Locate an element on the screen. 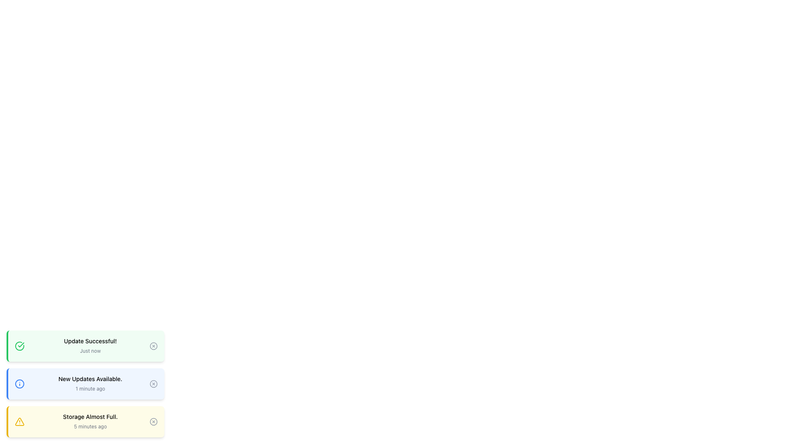 The image size is (789, 444). the notification message text element located in the second notification card, which provides update status or recent activity details is located at coordinates (90, 384).